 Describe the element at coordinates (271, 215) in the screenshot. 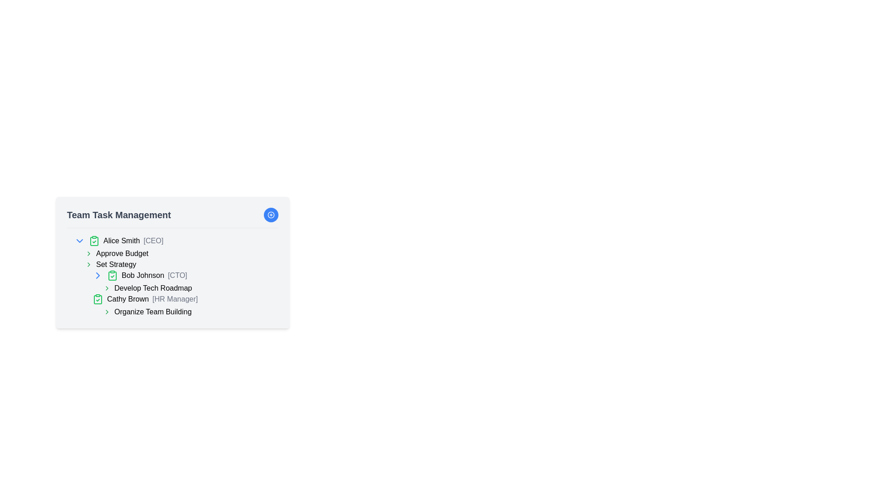

I see `the button in the top-right corner of the 'Team Task Management' component` at that location.